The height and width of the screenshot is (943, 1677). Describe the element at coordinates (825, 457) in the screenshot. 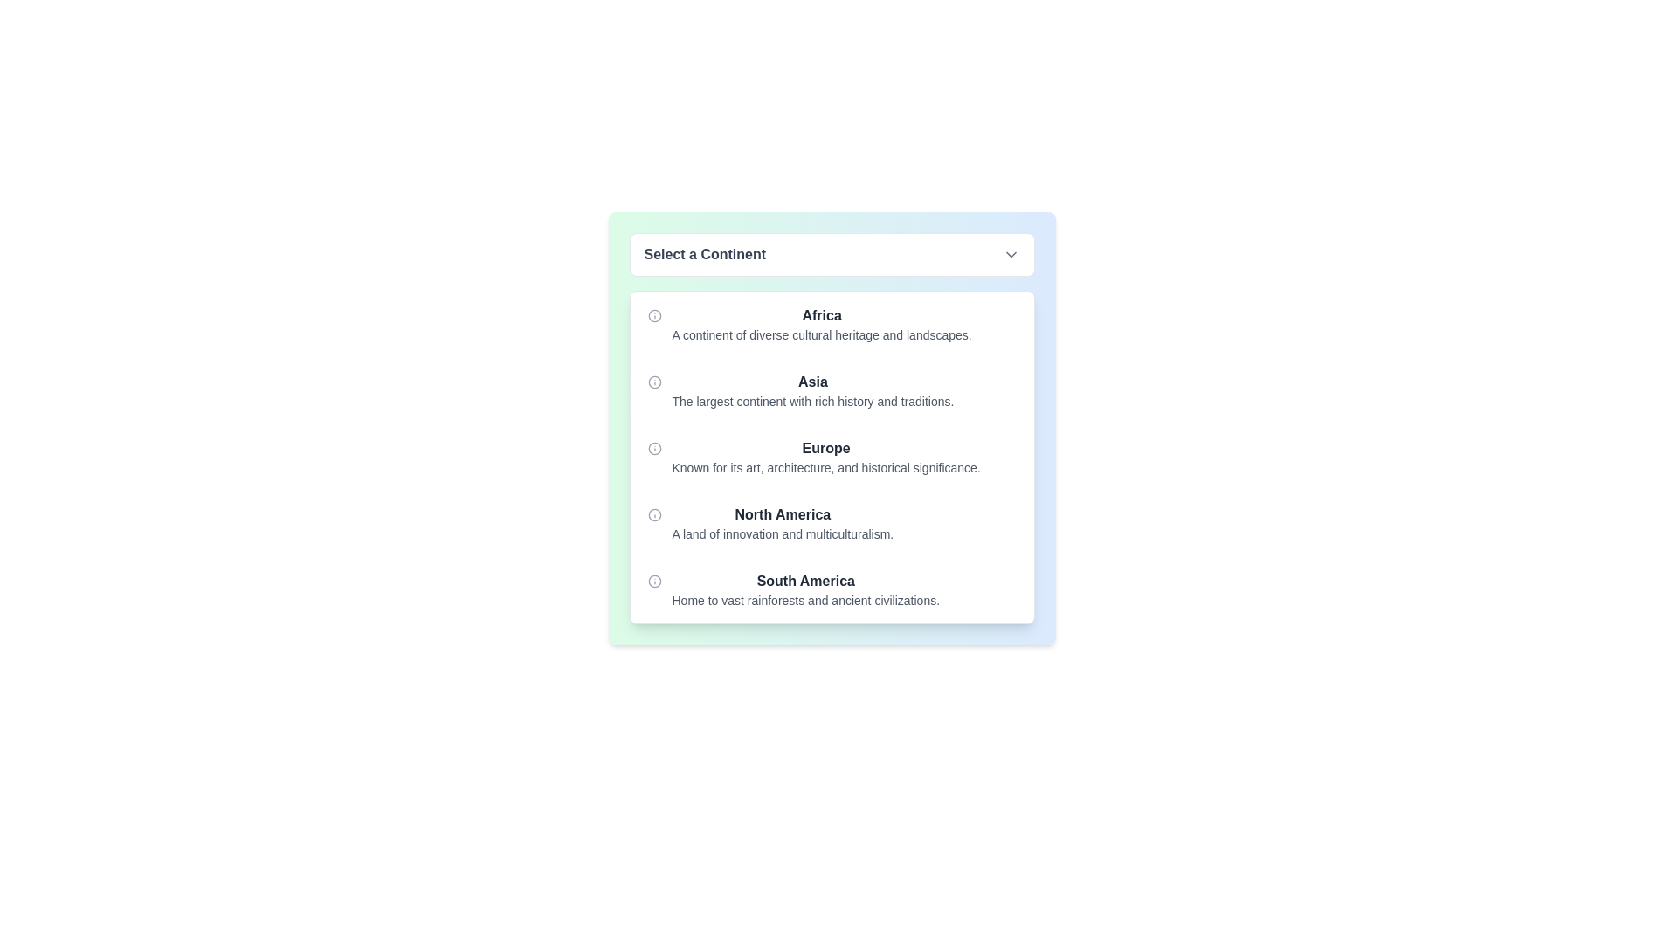

I see `the list item labeled 'Europe' in the selectable list under 'Select a Continent', which is positioned between 'Asia' and 'North America'` at that location.